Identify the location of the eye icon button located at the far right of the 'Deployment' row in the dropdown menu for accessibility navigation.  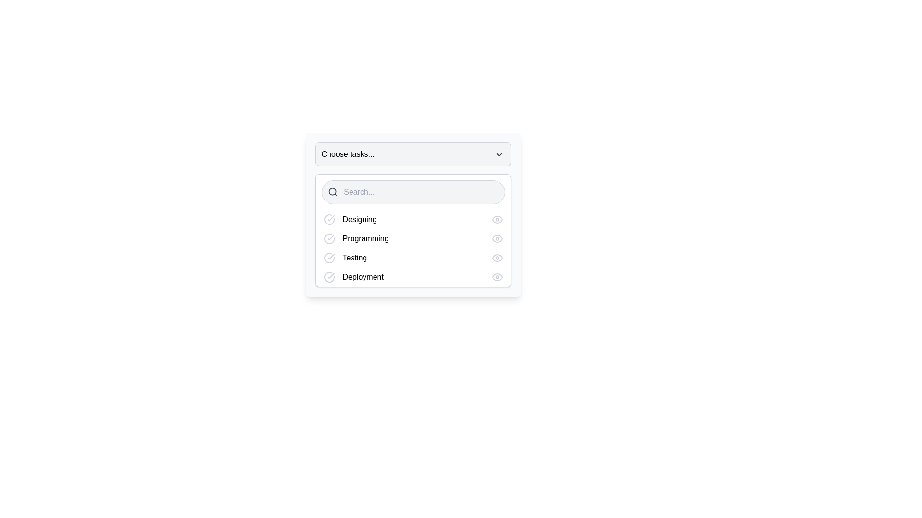
(497, 277).